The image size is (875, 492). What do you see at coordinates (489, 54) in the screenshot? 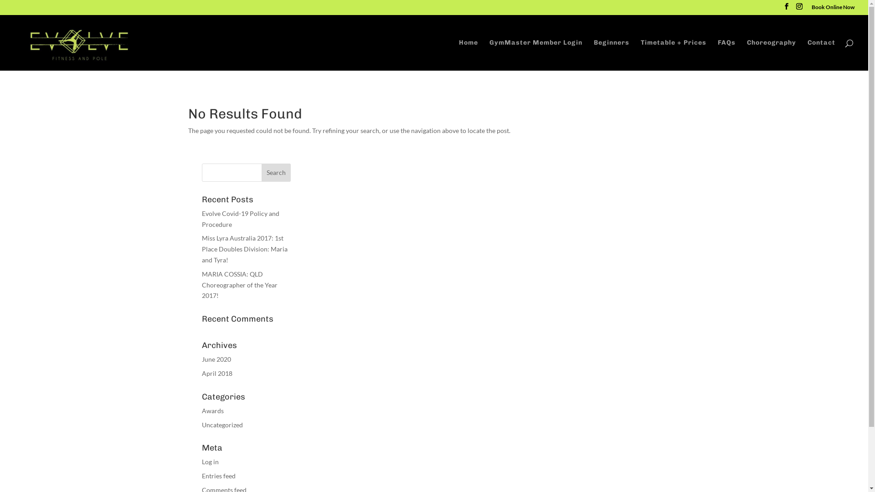
I see `'GymMaster Member Login'` at bounding box center [489, 54].